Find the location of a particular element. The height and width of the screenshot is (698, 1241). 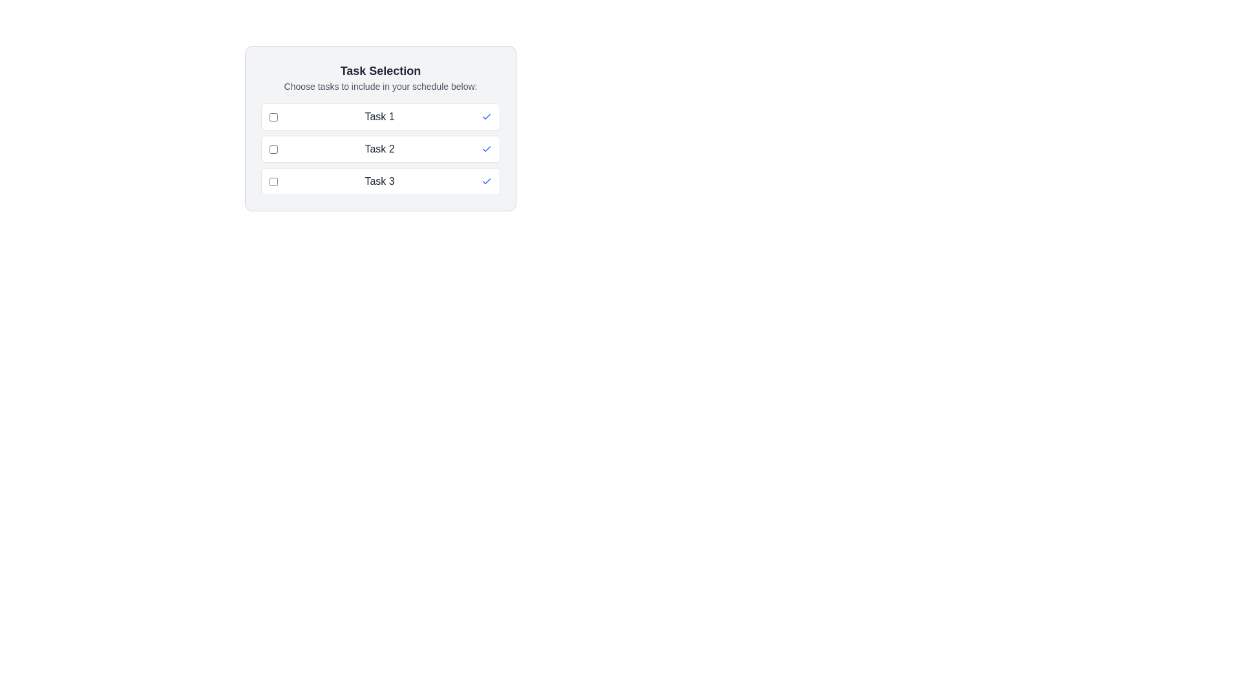

the checkbox for 'Task 2' is located at coordinates (273, 149).